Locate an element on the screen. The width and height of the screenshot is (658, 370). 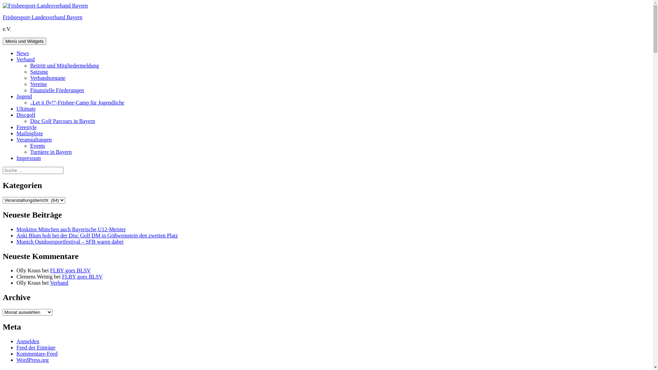
'FLBY goes BLSV' is located at coordinates (70, 270).